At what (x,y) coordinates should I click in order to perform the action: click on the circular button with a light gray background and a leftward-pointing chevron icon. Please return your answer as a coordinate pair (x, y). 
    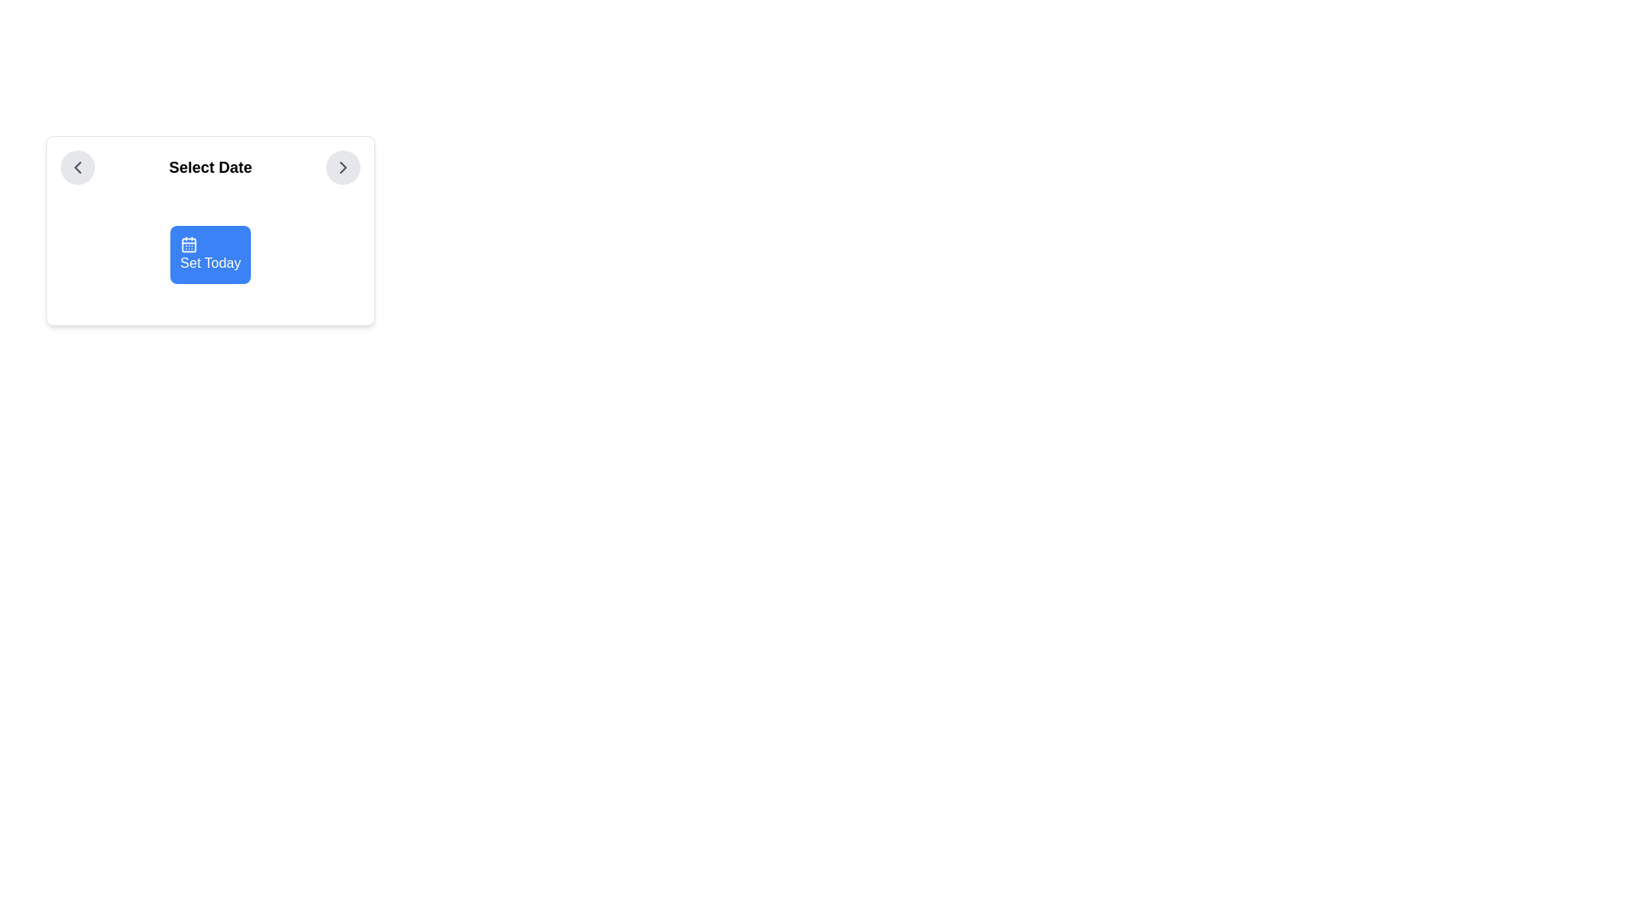
    Looking at the image, I should click on (77, 168).